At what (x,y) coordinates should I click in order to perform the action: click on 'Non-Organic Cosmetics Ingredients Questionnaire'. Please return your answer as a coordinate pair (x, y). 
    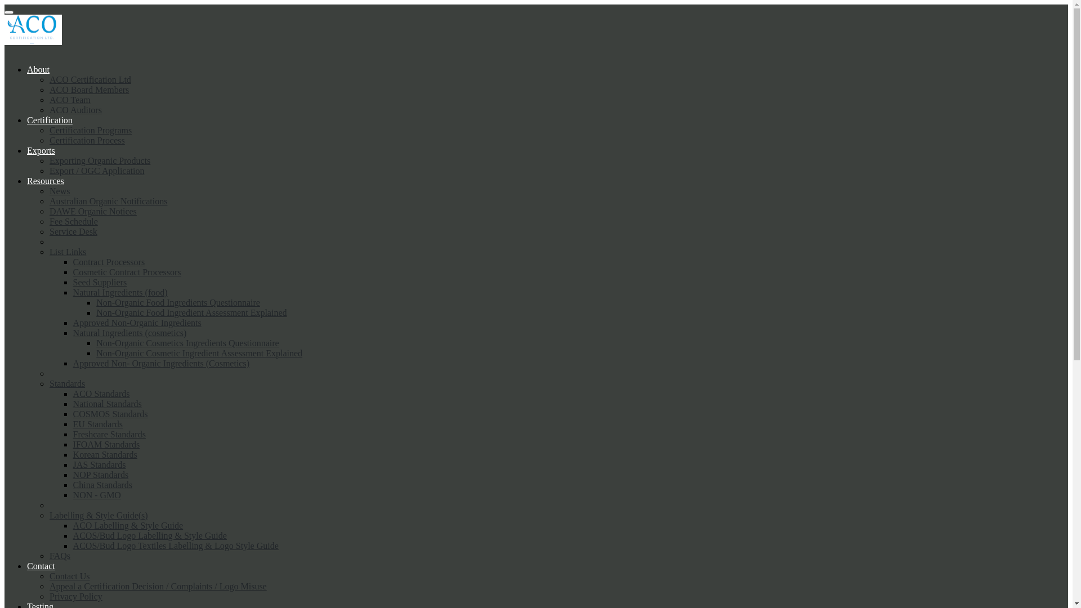
    Looking at the image, I should click on (187, 342).